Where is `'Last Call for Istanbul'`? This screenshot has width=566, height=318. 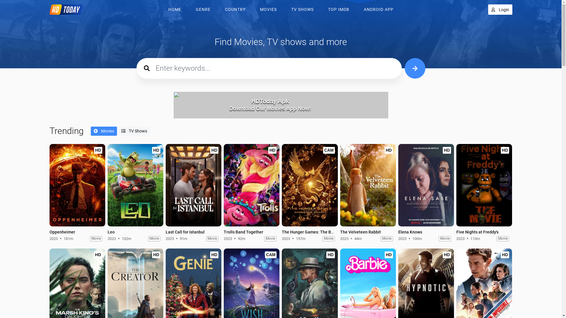
'Last Call for Istanbul' is located at coordinates (165, 186).